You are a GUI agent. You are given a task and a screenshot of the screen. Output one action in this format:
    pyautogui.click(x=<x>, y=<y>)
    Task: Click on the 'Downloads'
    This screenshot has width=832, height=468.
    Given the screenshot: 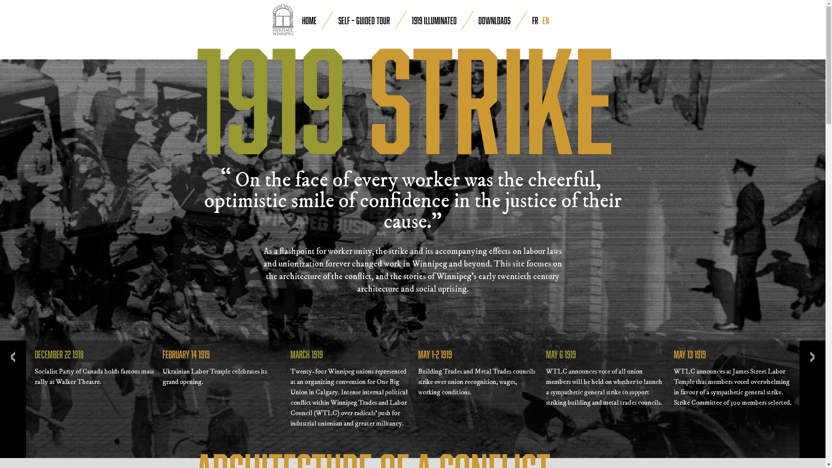 What is the action you would take?
    pyautogui.click(x=478, y=19)
    